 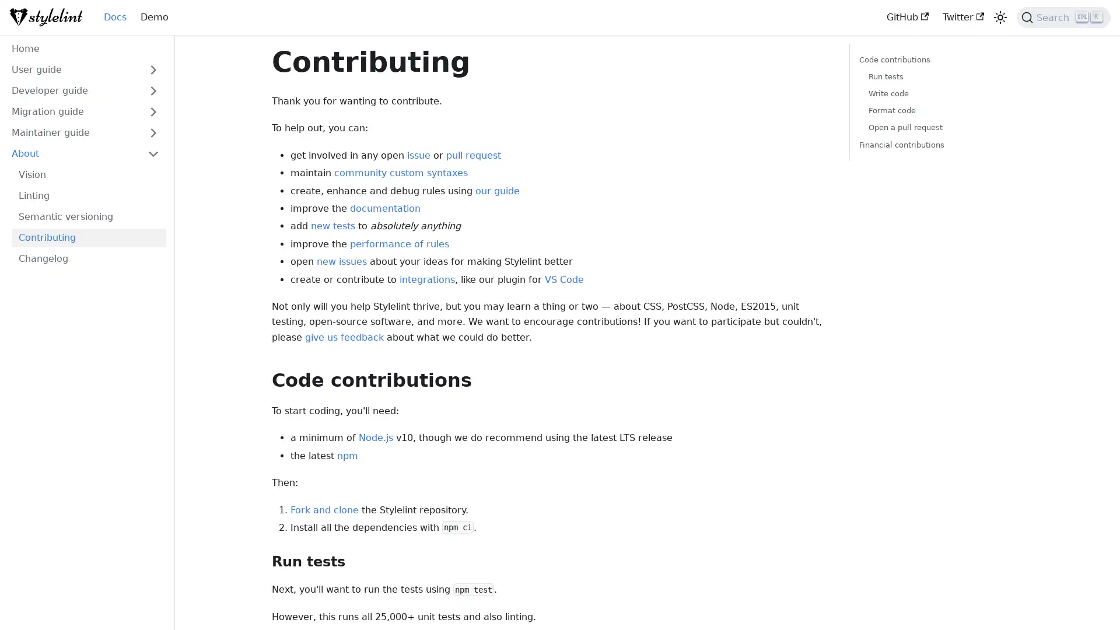 I want to click on Switch between dark and light mode (currently light mode), so click(x=999, y=17).